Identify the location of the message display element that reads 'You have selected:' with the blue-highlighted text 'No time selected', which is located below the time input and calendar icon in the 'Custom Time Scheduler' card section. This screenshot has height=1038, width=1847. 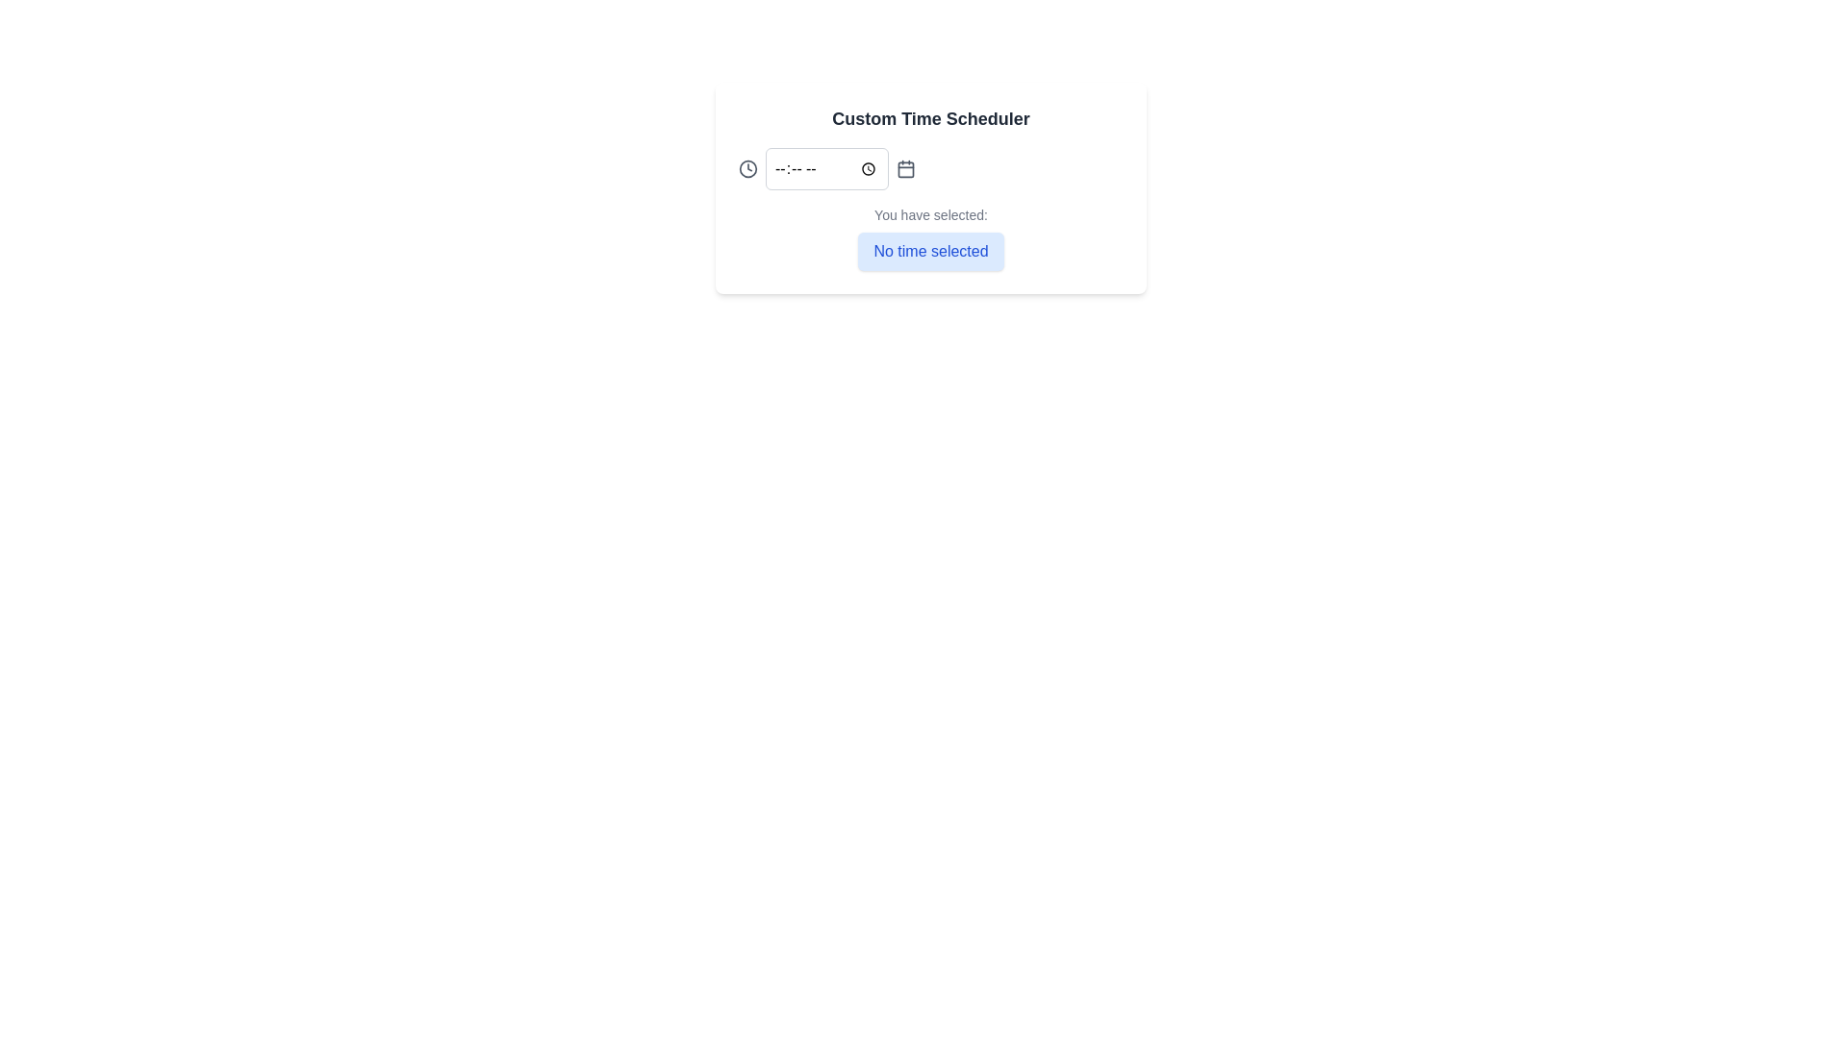
(931, 236).